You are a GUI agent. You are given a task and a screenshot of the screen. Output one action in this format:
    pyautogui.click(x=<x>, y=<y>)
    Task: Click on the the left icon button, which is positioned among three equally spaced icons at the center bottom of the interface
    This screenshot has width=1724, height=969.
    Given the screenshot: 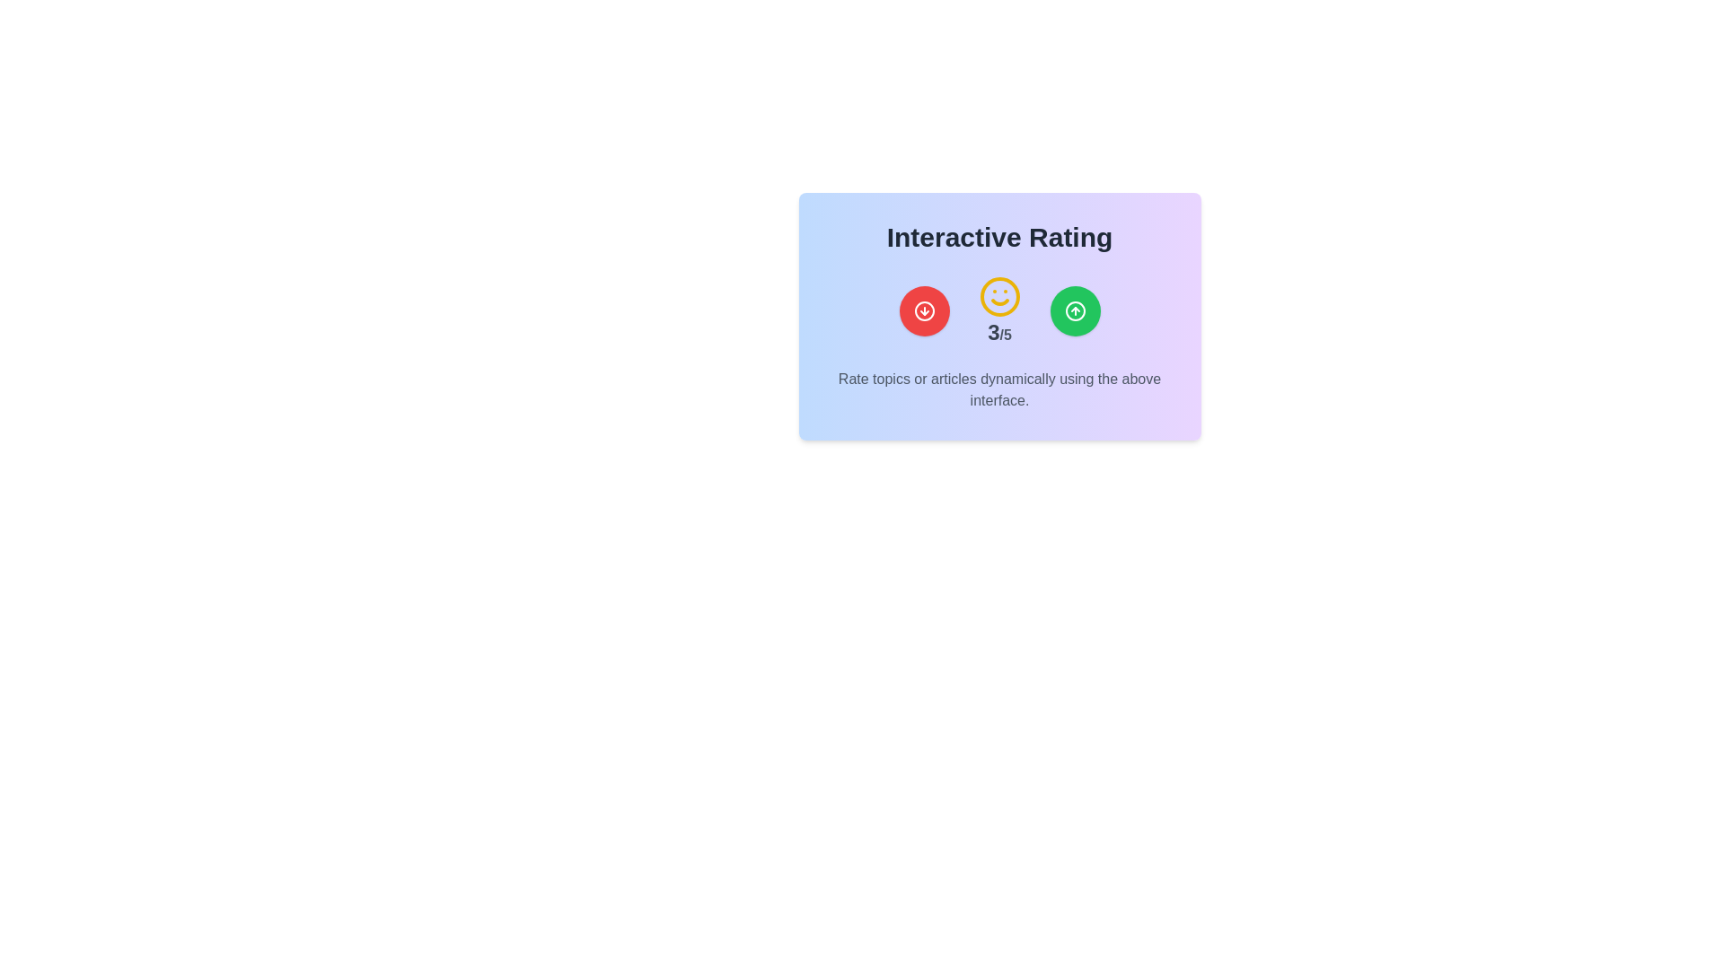 What is the action you would take?
    pyautogui.click(x=924, y=310)
    